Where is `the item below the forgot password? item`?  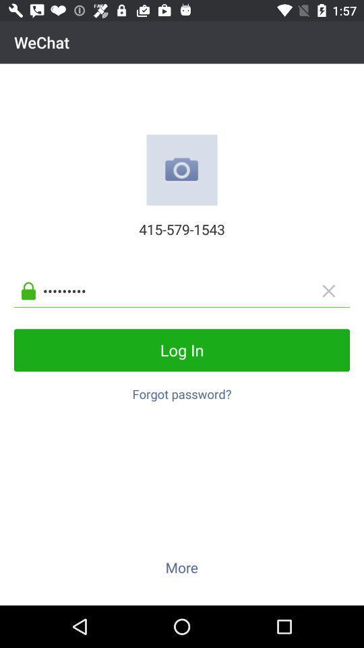
the item below the forgot password? item is located at coordinates (181, 567).